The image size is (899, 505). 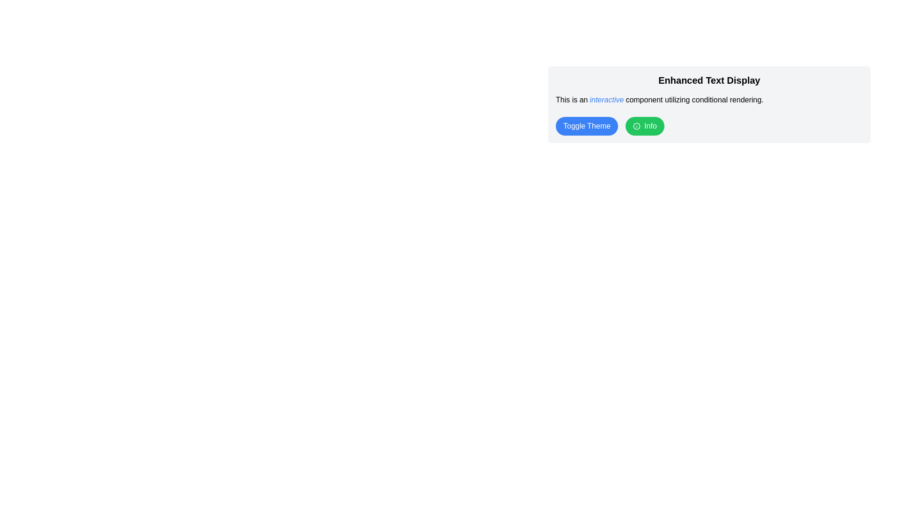 I want to click on the information button, which is the second button in a horizontal sequence next to the blue 'Toggle Theme' button, to observe its hover effect, so click(x=644, y=126).